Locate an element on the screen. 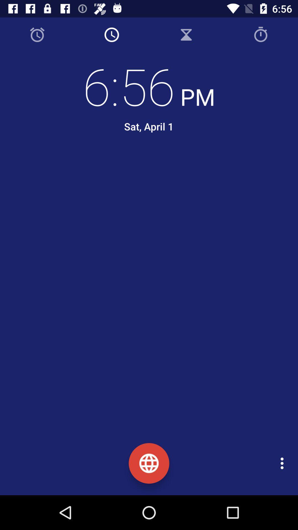 This screenshot has width=298, height=530. the more icon is located at coordinates (283, 463).